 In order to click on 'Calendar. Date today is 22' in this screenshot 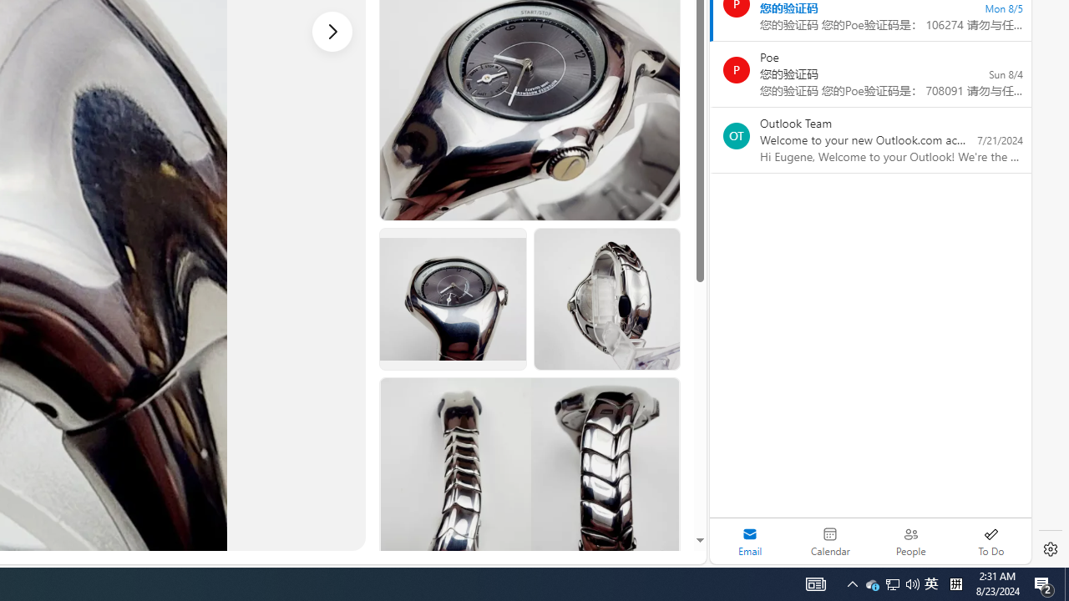, I will do `click(830, 541)`.